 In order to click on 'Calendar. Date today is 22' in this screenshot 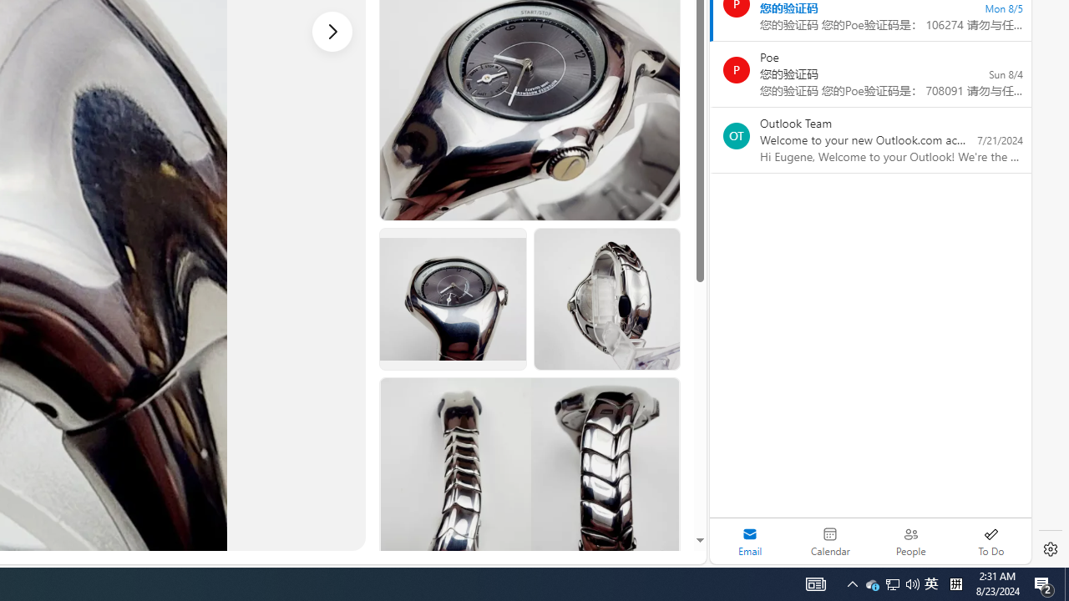, I will do `click(830, 541)`.